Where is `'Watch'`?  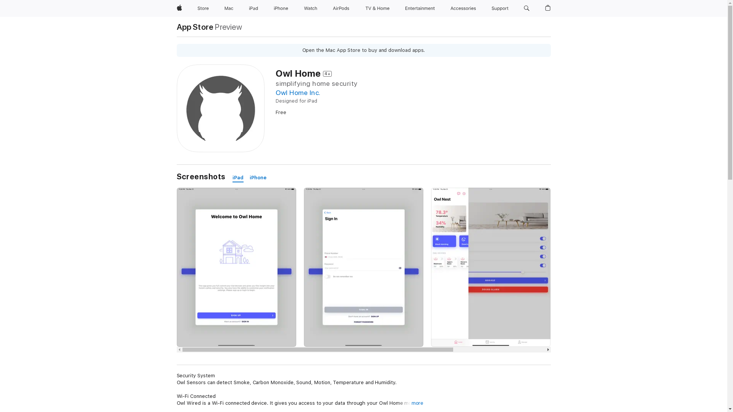 'Watch' is located at coordinates (310, 8).